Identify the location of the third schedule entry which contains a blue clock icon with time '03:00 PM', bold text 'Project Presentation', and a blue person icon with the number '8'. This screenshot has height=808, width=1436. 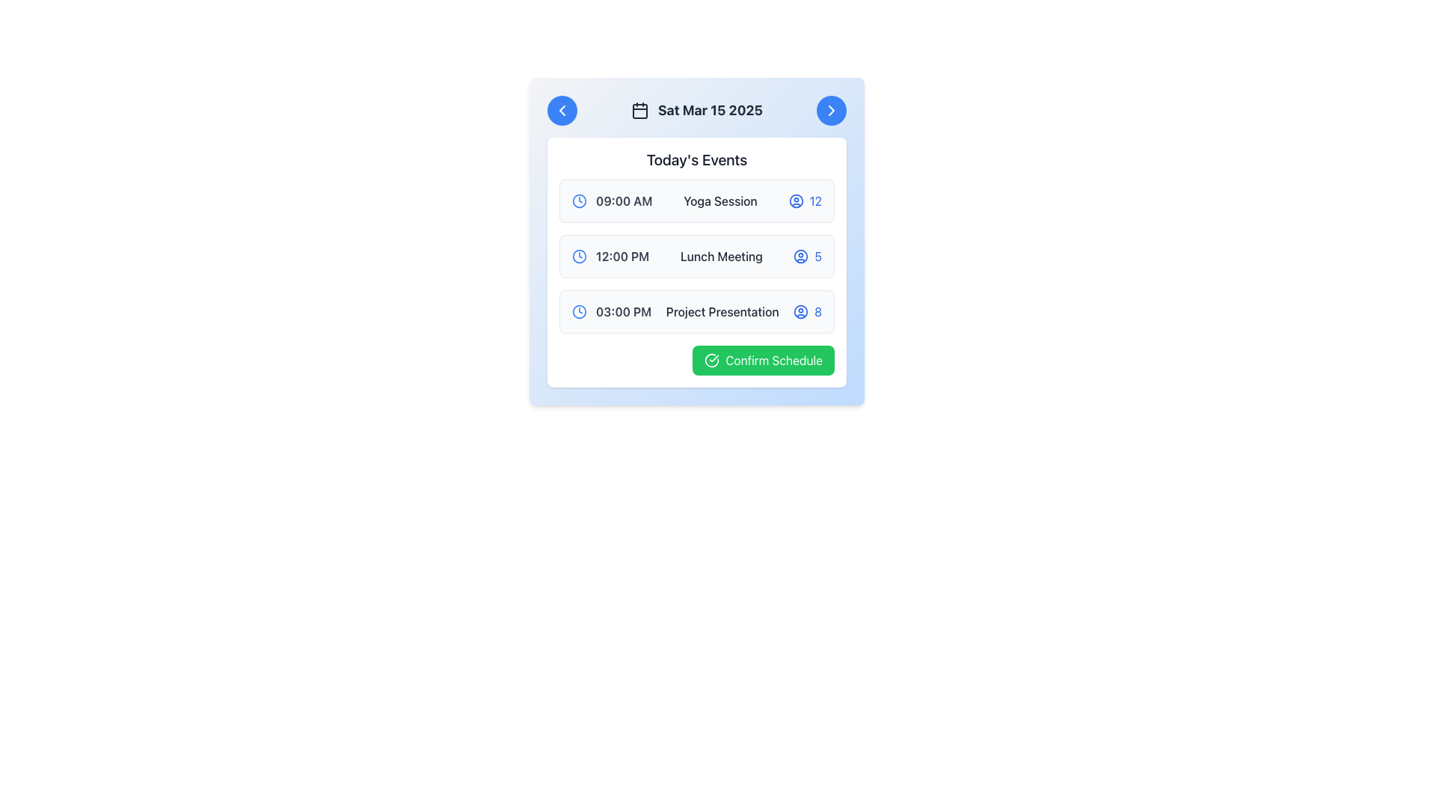
(696, 310).